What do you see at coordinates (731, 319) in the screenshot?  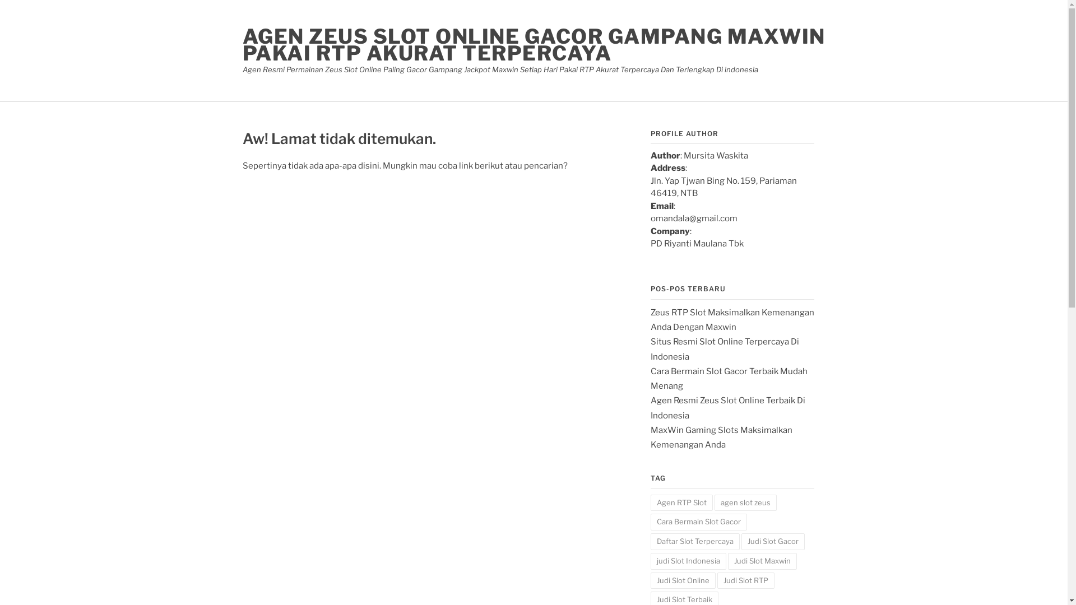 I see `'Zeus RTP Slot Maksimalkan Kemenangan Anda Dengan Maxwin'` at bounding box center [731, 319].